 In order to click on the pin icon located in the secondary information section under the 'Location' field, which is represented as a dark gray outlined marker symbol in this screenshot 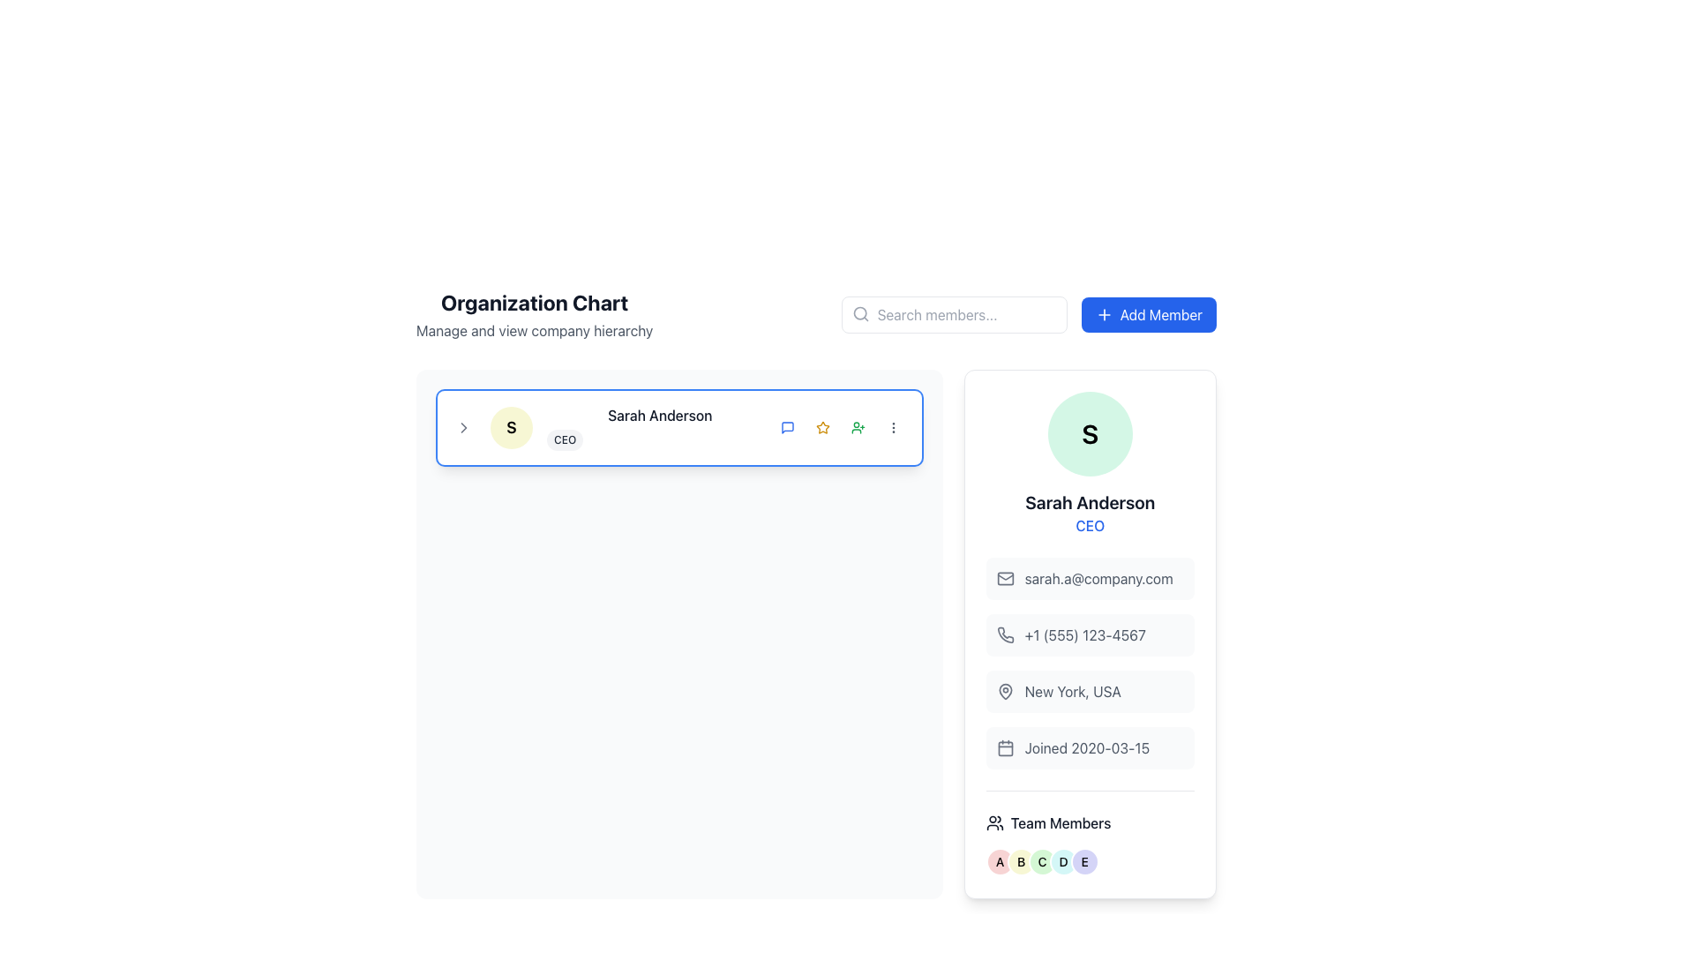, I will do `click(1005, 690)`.